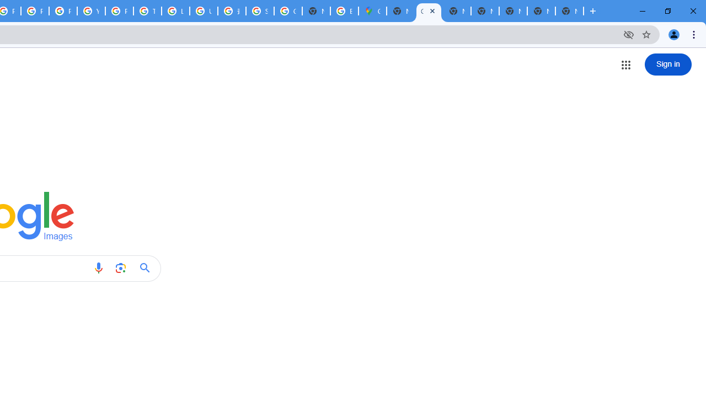 Image resolution: width=706 pixels, height=397 pixels. Describe the element at coordinates (569, 11) in the screenshot. I see `'New Tab'` at that location.